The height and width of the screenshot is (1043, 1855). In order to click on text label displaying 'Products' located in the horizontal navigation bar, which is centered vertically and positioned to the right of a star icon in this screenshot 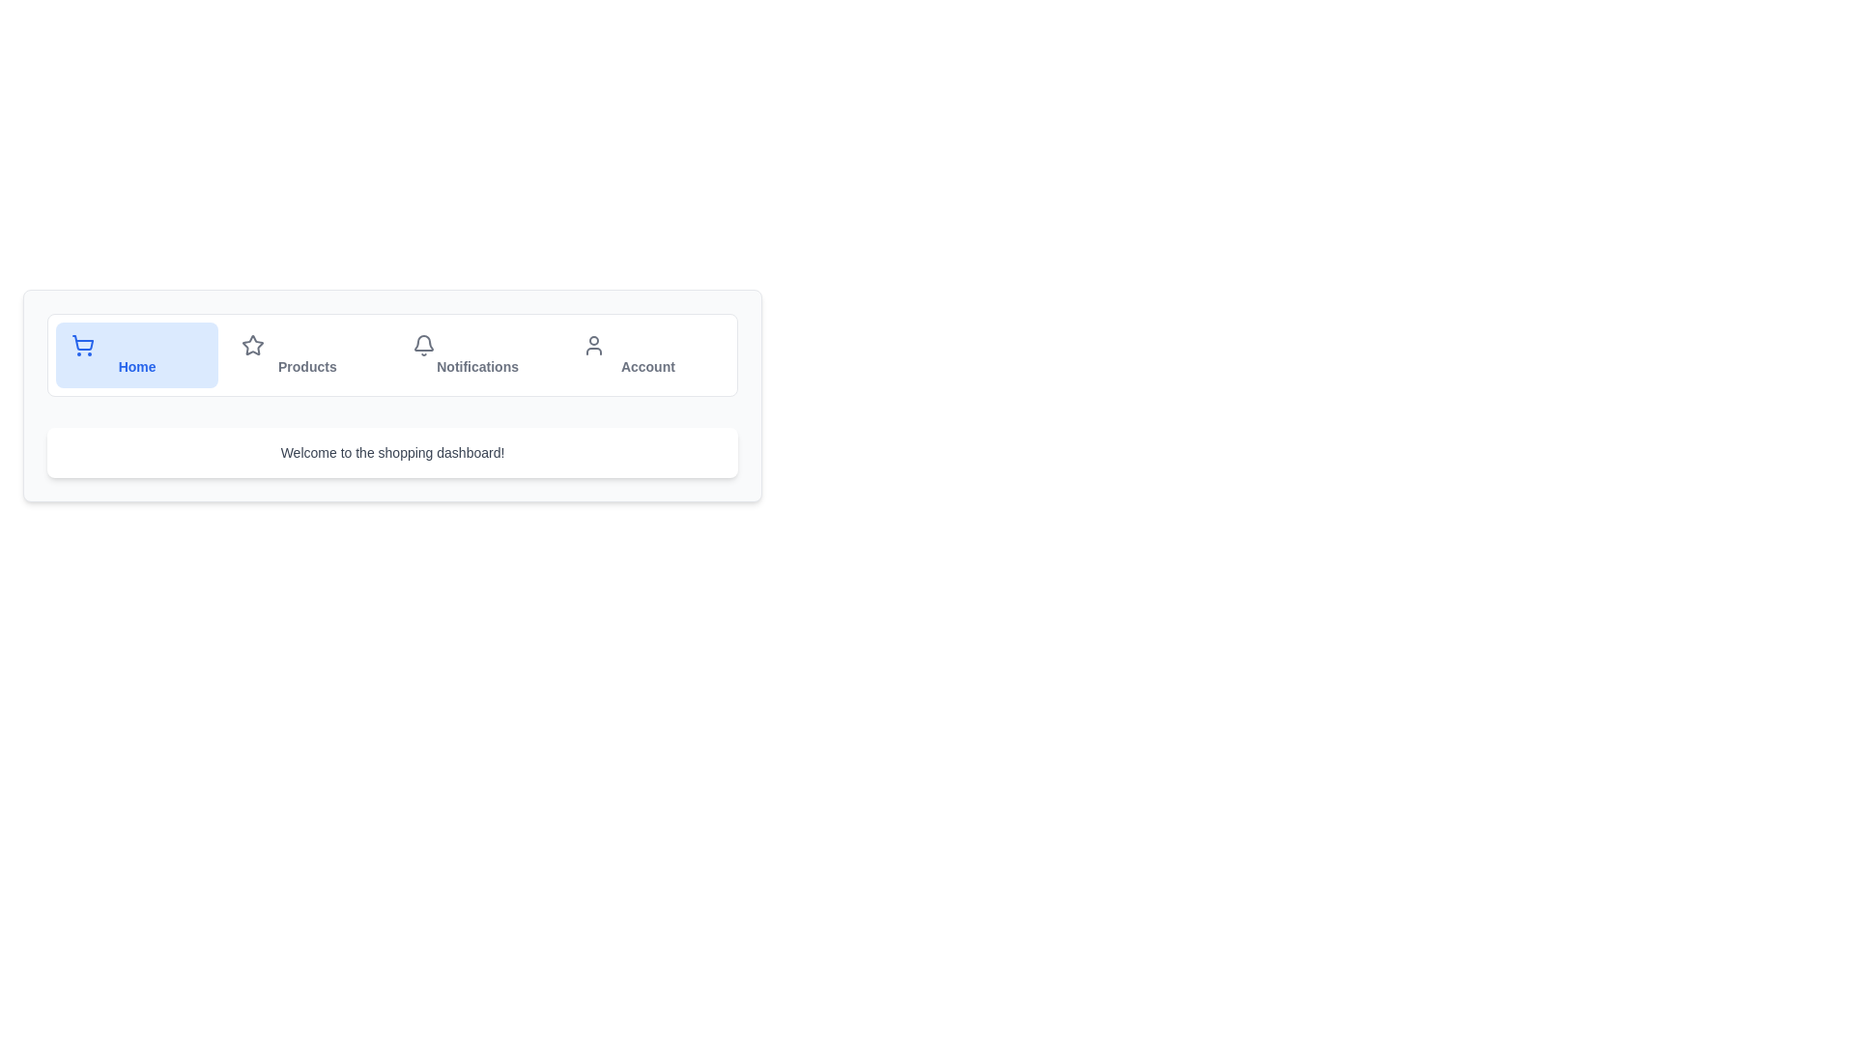, I will do `click(306, 367)`.